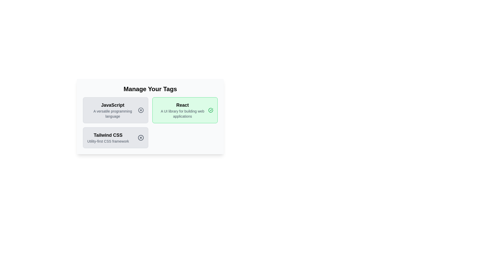 Image resolution: width=490 pixels, height=275 pixels. Describe the element at coordinates (115, 137) in the screenshot. I see `the tag with name Tailwind CSS` at that location.